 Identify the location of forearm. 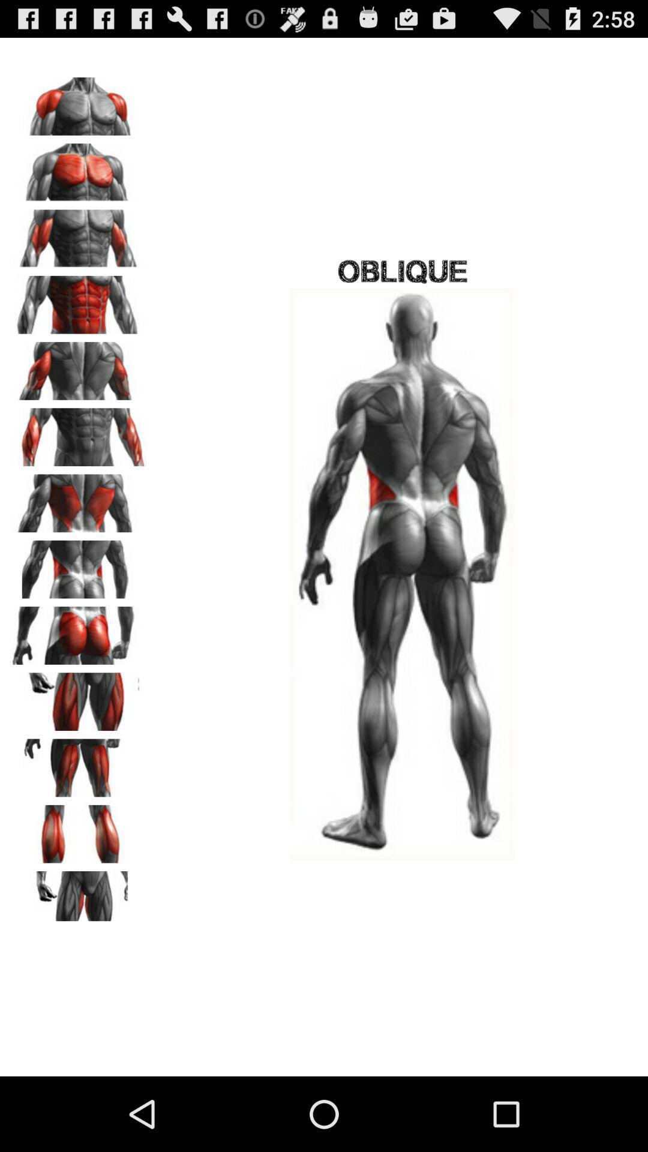
(79, 432).